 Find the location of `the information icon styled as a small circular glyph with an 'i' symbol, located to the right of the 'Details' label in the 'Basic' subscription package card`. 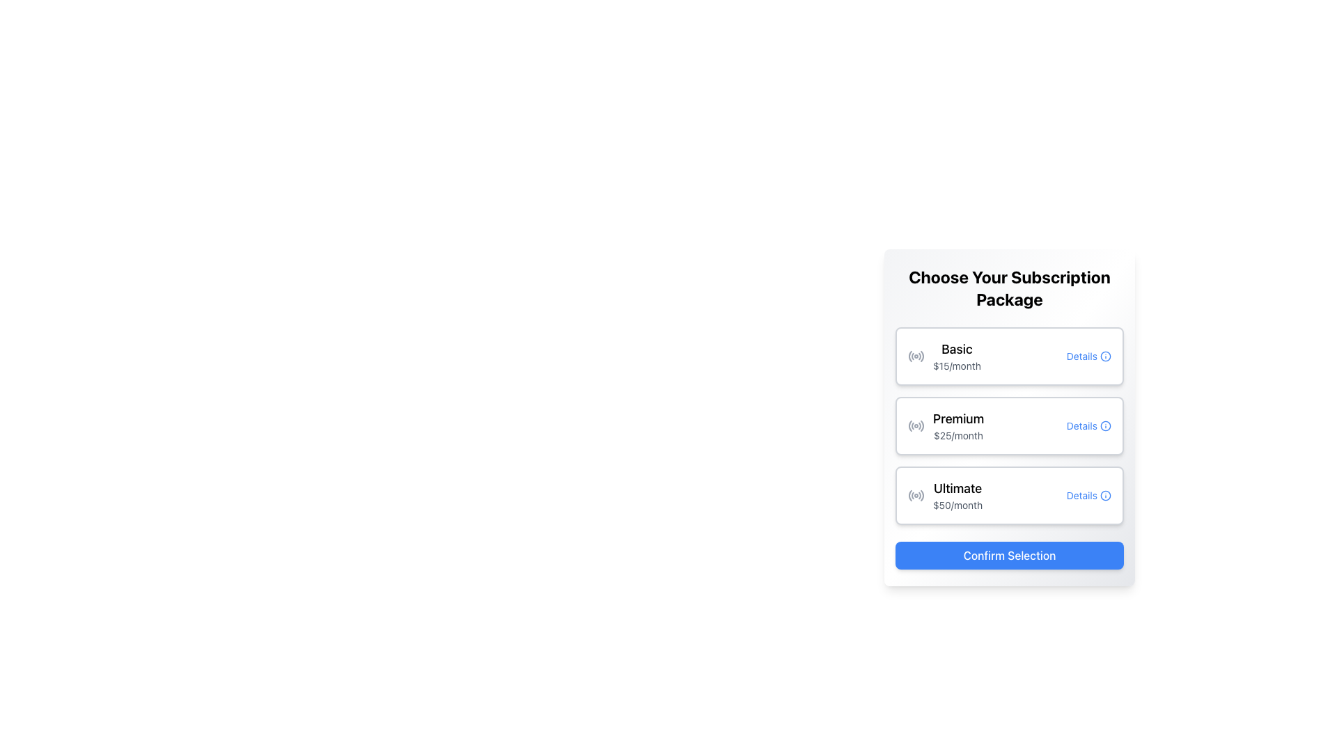

the information icon styled as a small circular glyph with an 'i' symbol, located to the right of the 'Details' label in the 'Basic' subscription package card is located at coordinates (1105, 356).